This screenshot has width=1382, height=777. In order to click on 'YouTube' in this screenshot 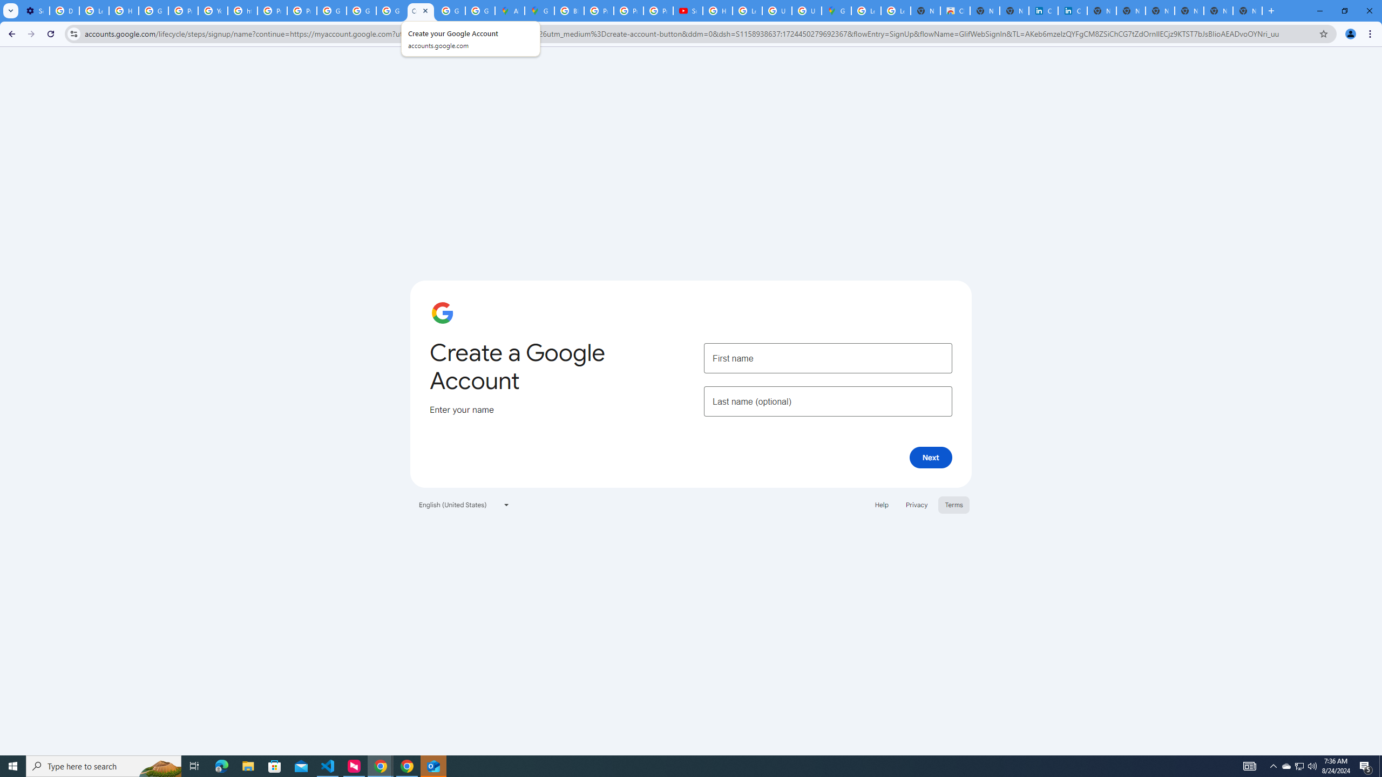, I will do `click(213, 10)`.